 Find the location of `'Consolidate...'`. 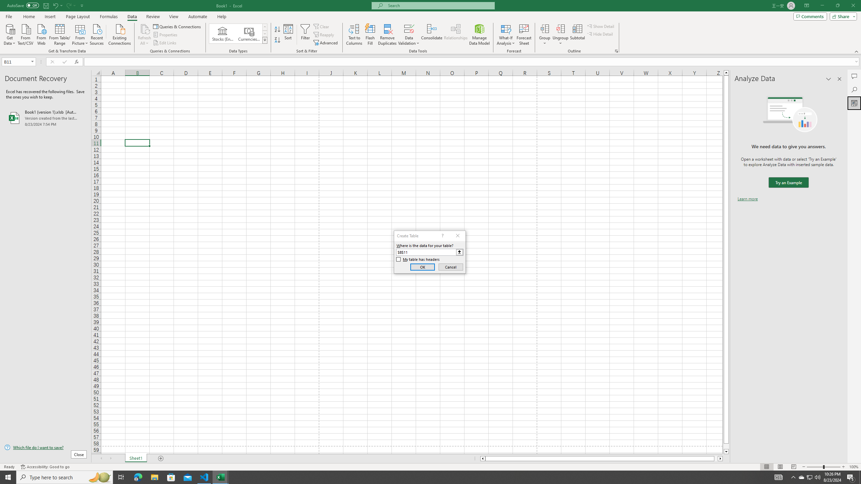

'Consolidate...' is located at coordinates (432, 35).